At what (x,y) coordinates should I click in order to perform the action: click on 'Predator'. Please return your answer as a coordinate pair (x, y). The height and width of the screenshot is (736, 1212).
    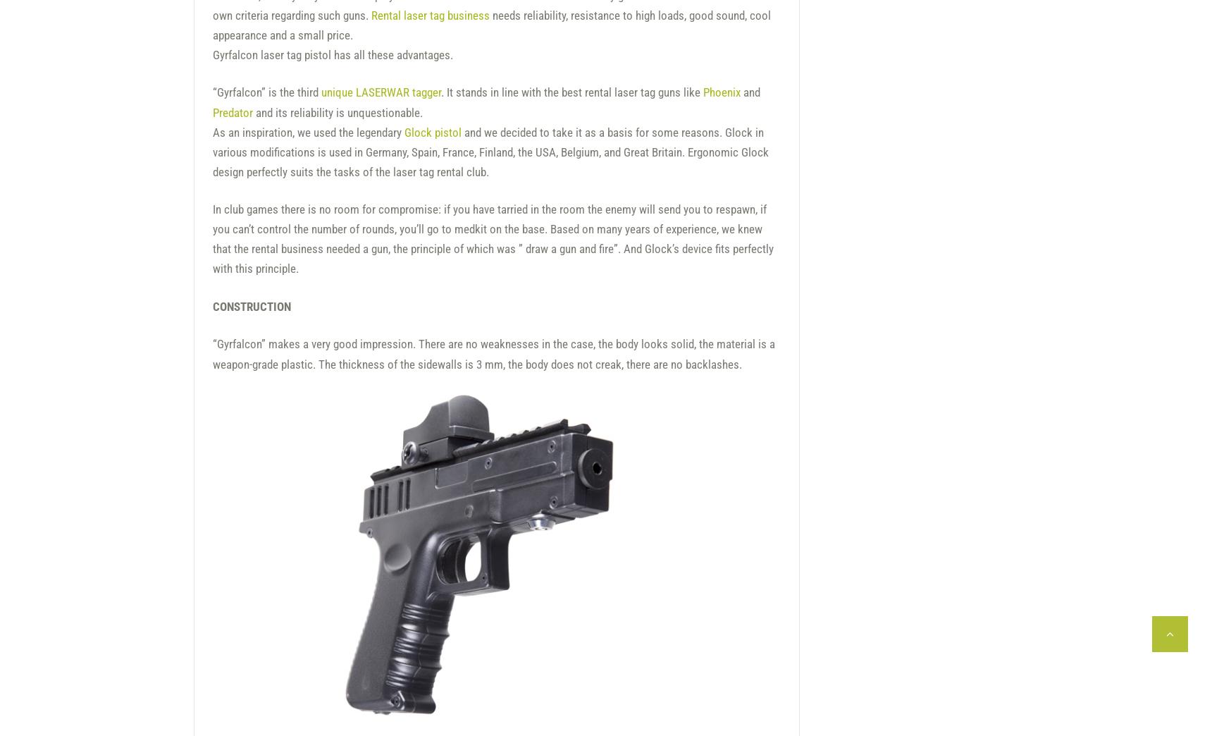
    Looking at the image, I should click on (231, 111).